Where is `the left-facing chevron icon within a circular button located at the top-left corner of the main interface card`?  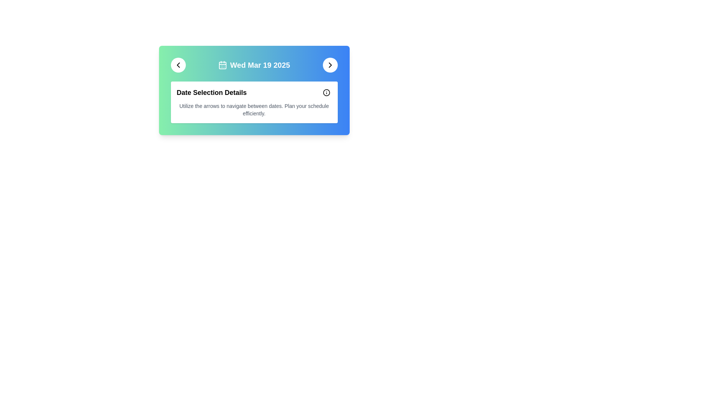 the left-facing chevron icon within a circular button located at the top-left corner of the main interface card is located at coordinates (178, 64).